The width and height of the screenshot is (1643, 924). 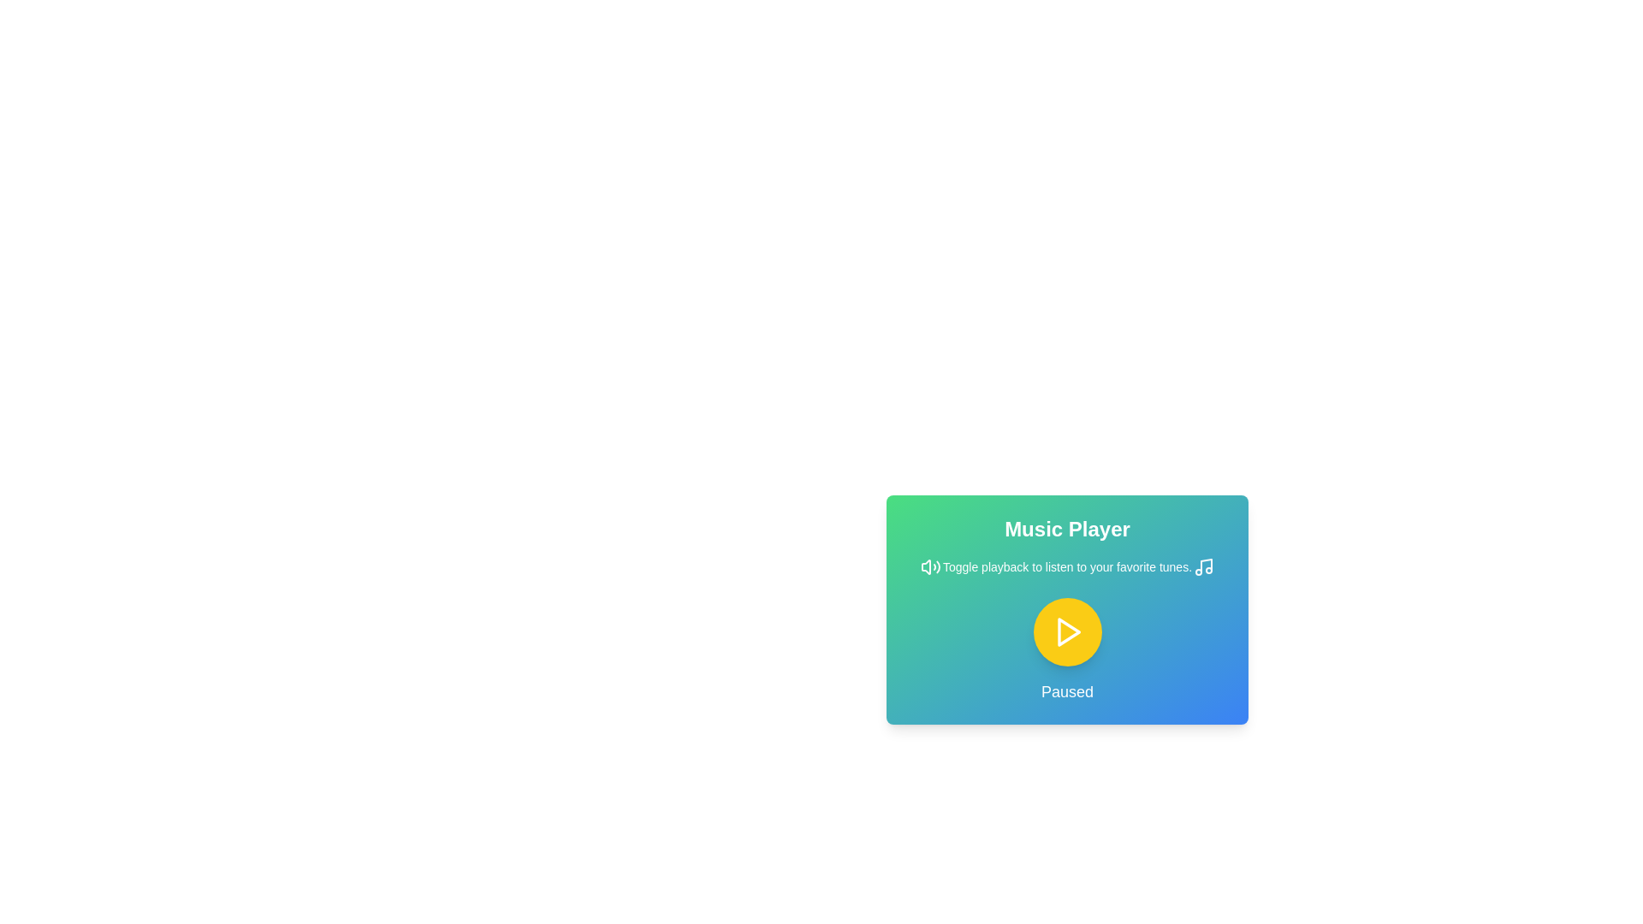 What do you see at coordinates (1066, 632) in the screenshot?
I see `the triangular-shaped play icon with a white outline, located within a circular yellow button at the bottom part of the interface` at bounding box center [1066, 632].